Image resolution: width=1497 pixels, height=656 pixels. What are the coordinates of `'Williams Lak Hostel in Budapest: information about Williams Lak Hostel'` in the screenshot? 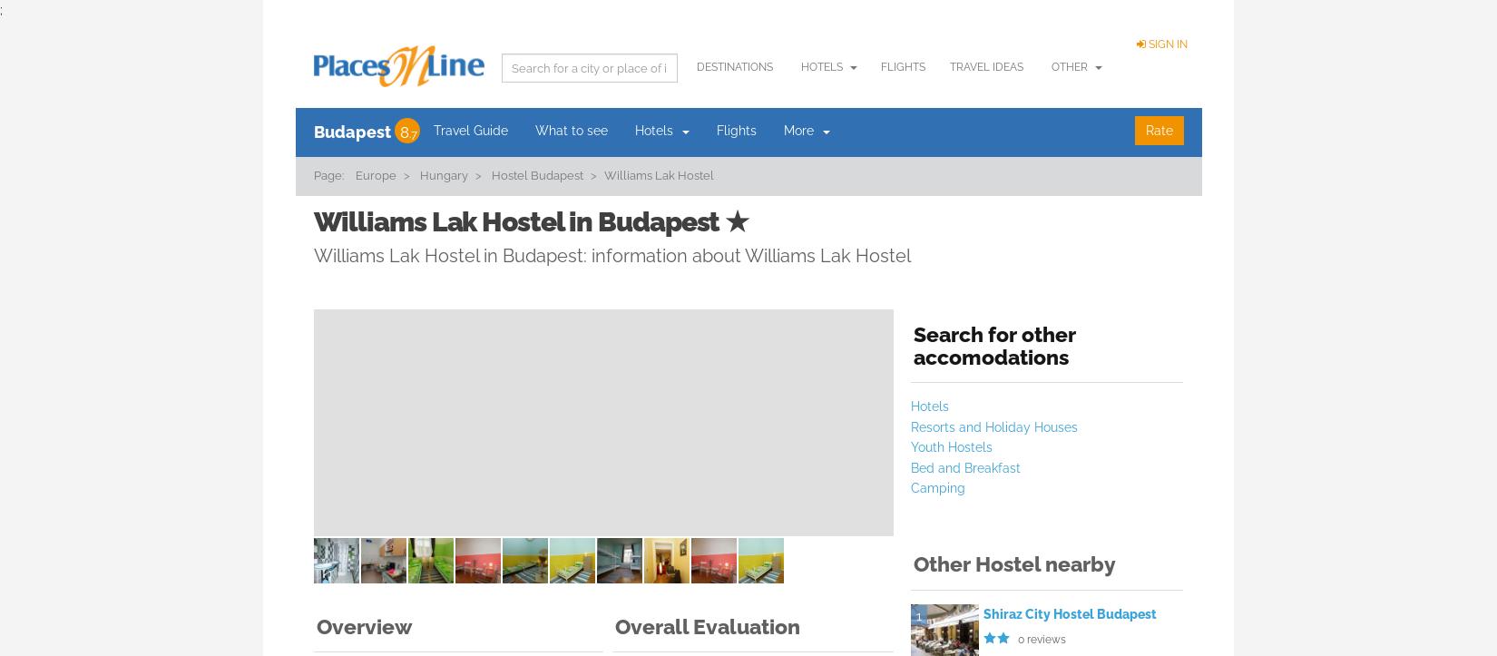 It's located at (611, 254).